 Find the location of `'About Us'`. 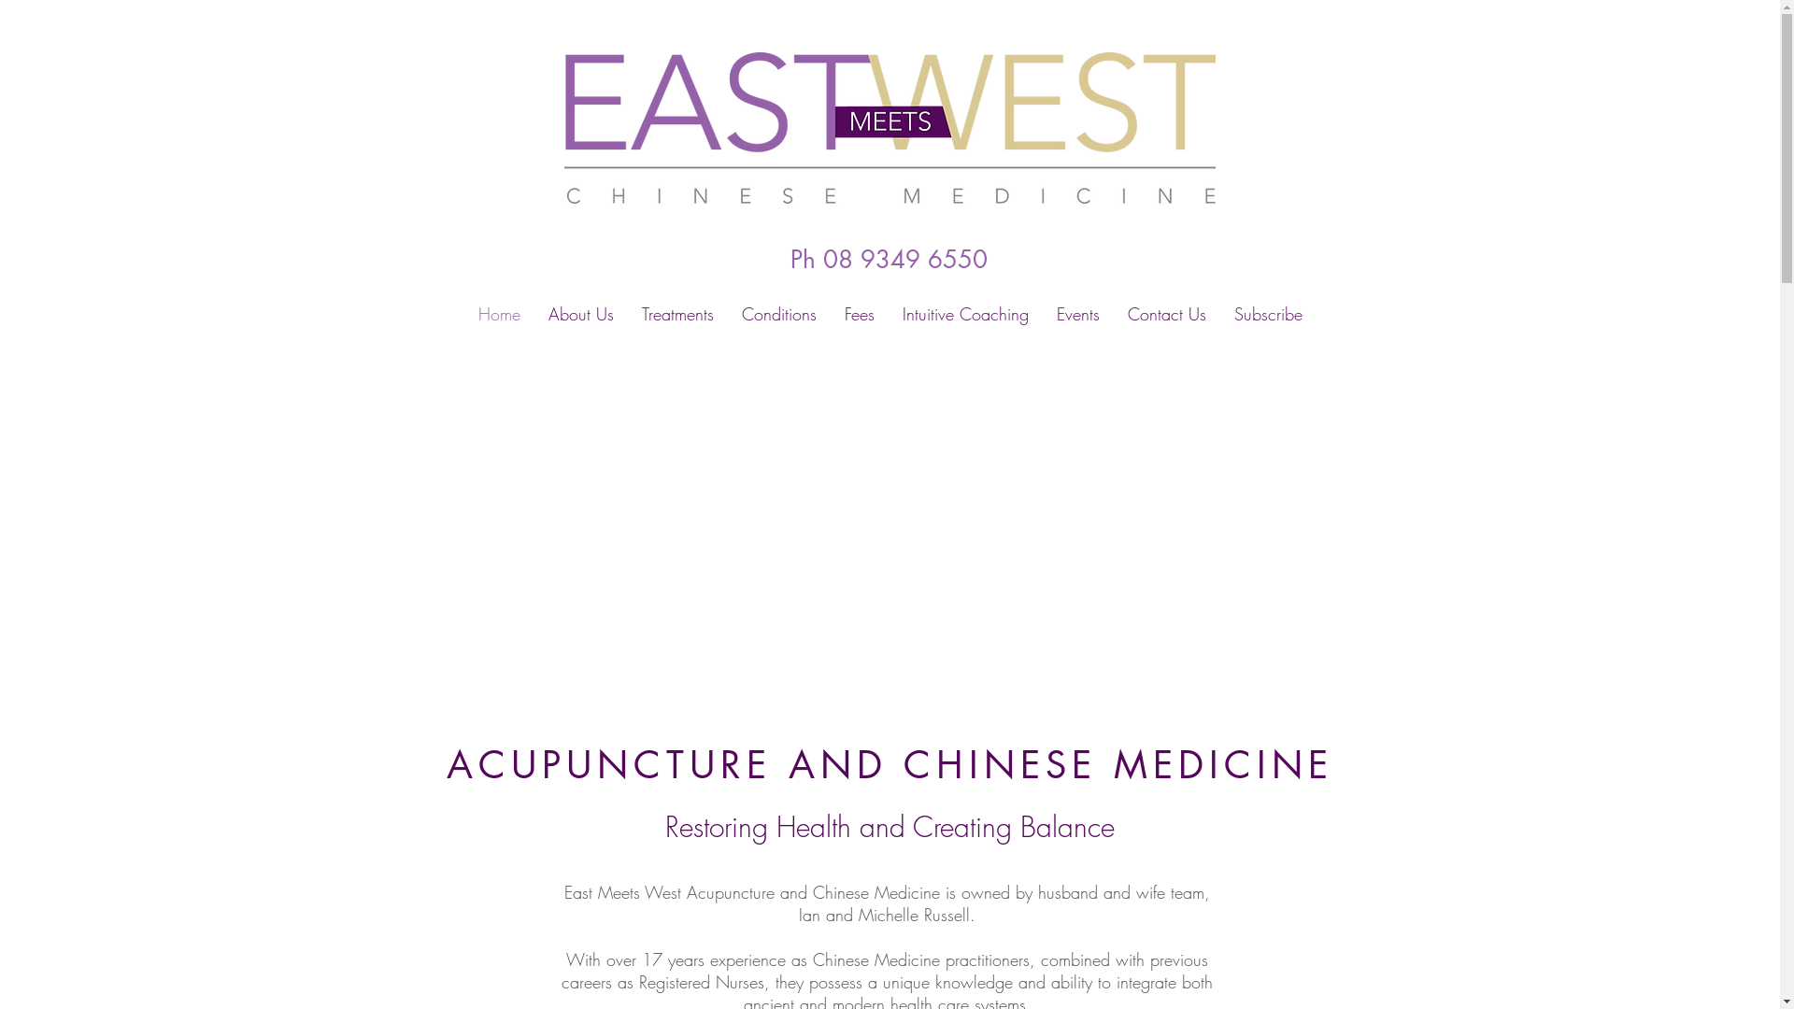

'About Us' is located at coordinates (580, 312).